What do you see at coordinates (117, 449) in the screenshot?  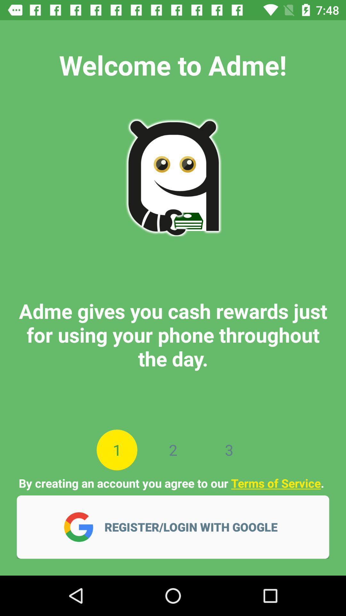 I see `the icon to the left of the 2 item` at bounding box center [117, 449].